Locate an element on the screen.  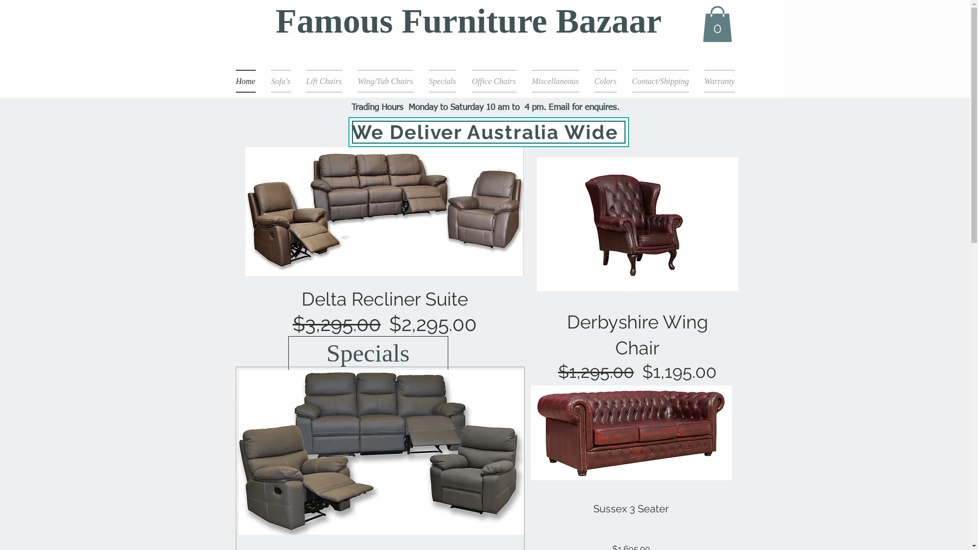
'Sofa's' is located at coordinates (280, 80).